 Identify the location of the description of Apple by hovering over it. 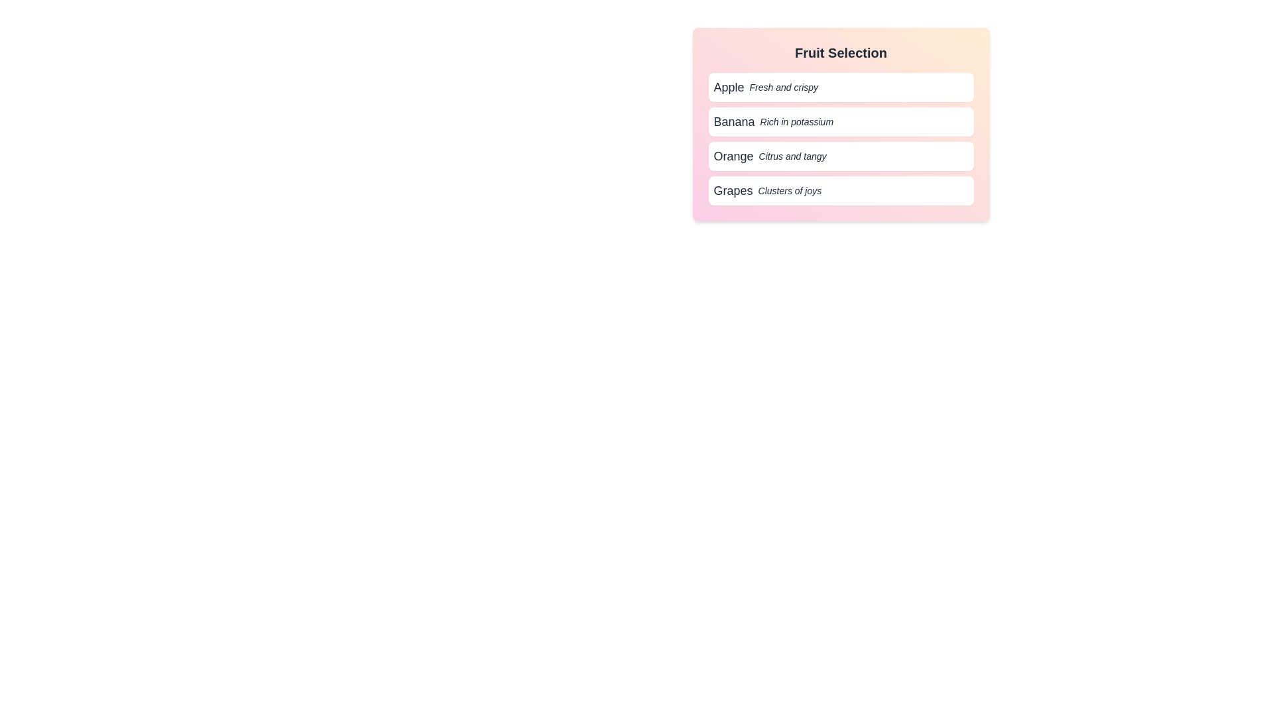
(840, 87).